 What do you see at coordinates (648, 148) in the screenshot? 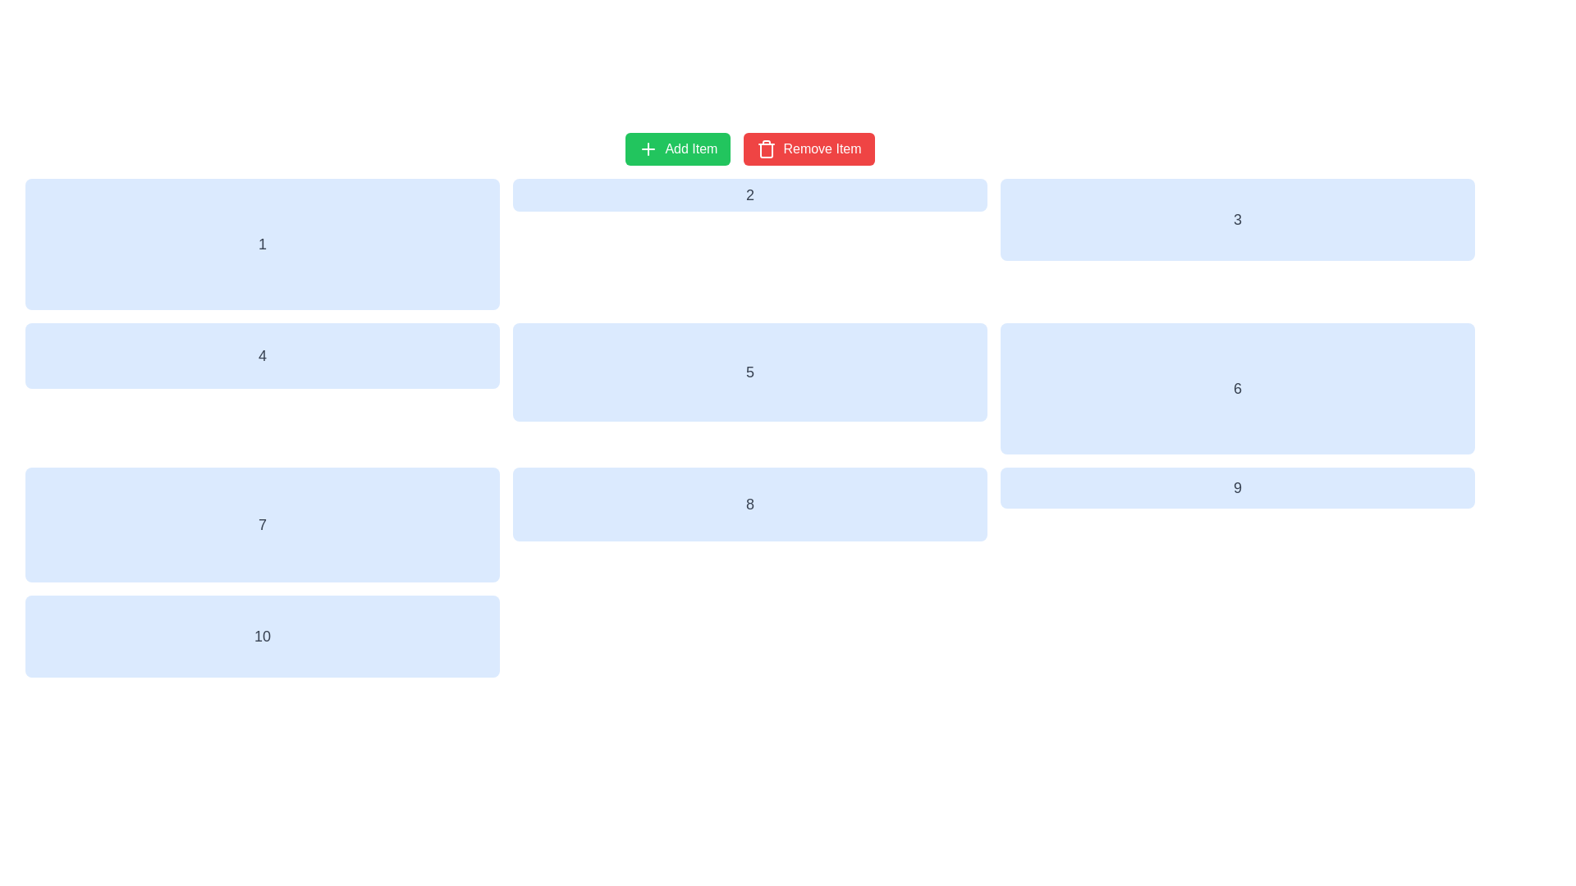
I see `the icon within the 'Add Item' button, which is located towards the left side of the button at the top-center of the layout` at bounding box center [648, 148].